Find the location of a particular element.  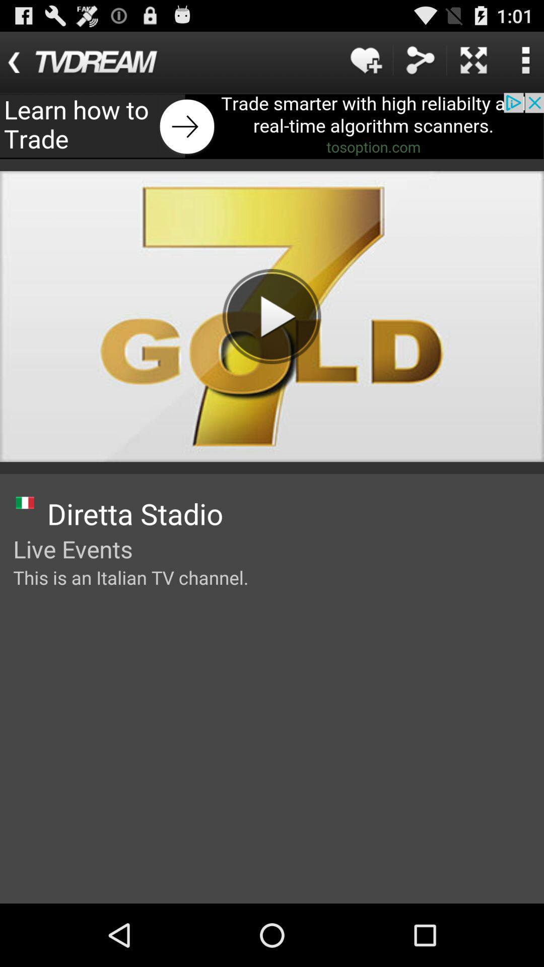

the expand icon at the top right corner of the page is located at coordinates (473, 59).